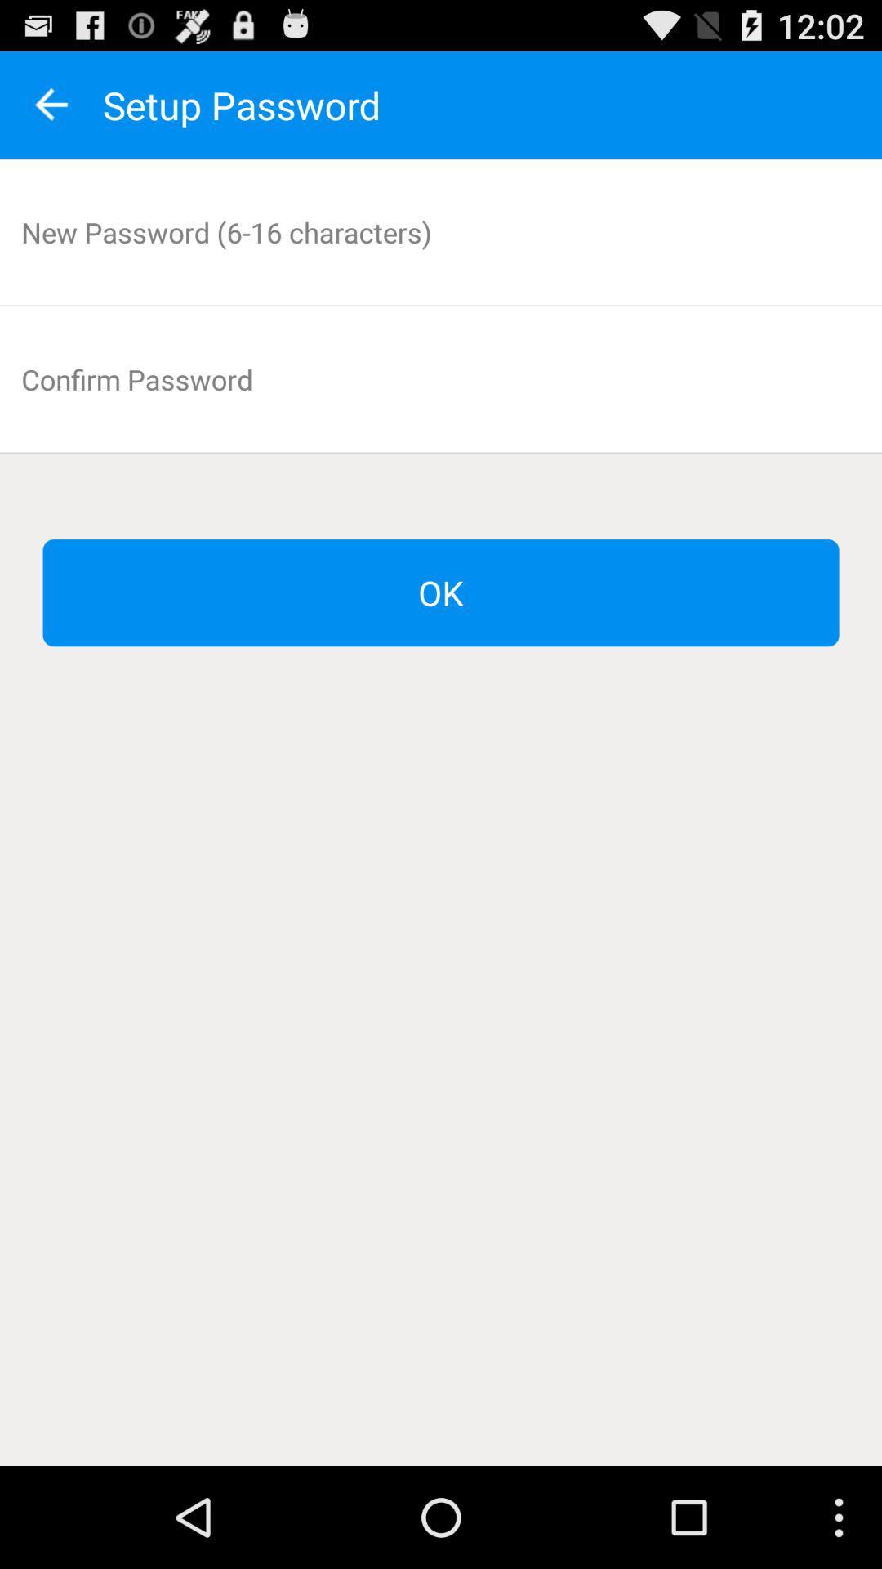 This screenshot has width=882, height=1569. Describe the element at coordinates (441, 378) in the screenshot. I see `confirm password field` at that location.